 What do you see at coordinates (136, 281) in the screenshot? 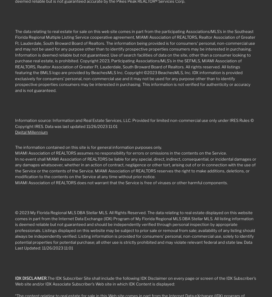
I see `'The IDX Subscriber Site shall include the following IDX Disclaimer on every page or screen of the IDX Subscriber’s Web site and/or IDX Associate Subscriber’s Web site in which IDX Content is displayed:'` at bounding box center [136, 281].